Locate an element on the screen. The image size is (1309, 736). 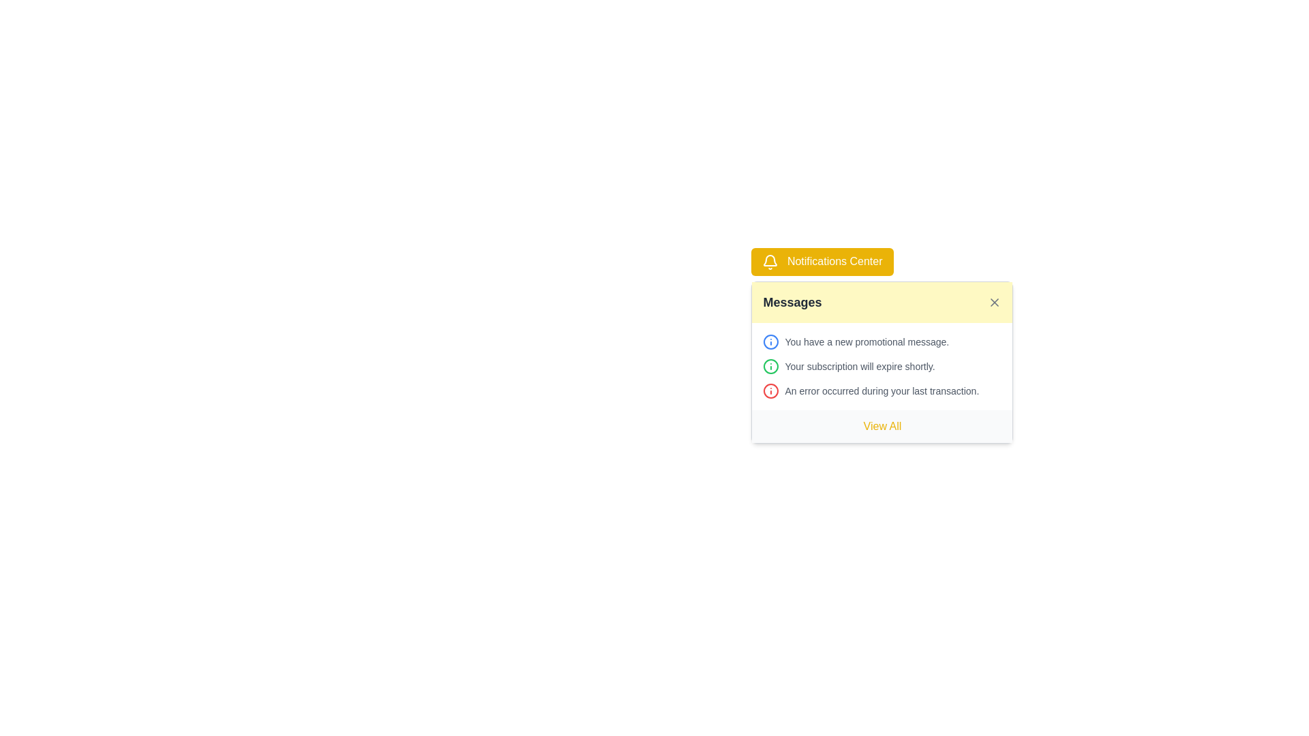
notifications displayed in the Notification modal located below the 'Notifications Center' button, which is styled with a bright yellow background is located at coordinates (882, 361).